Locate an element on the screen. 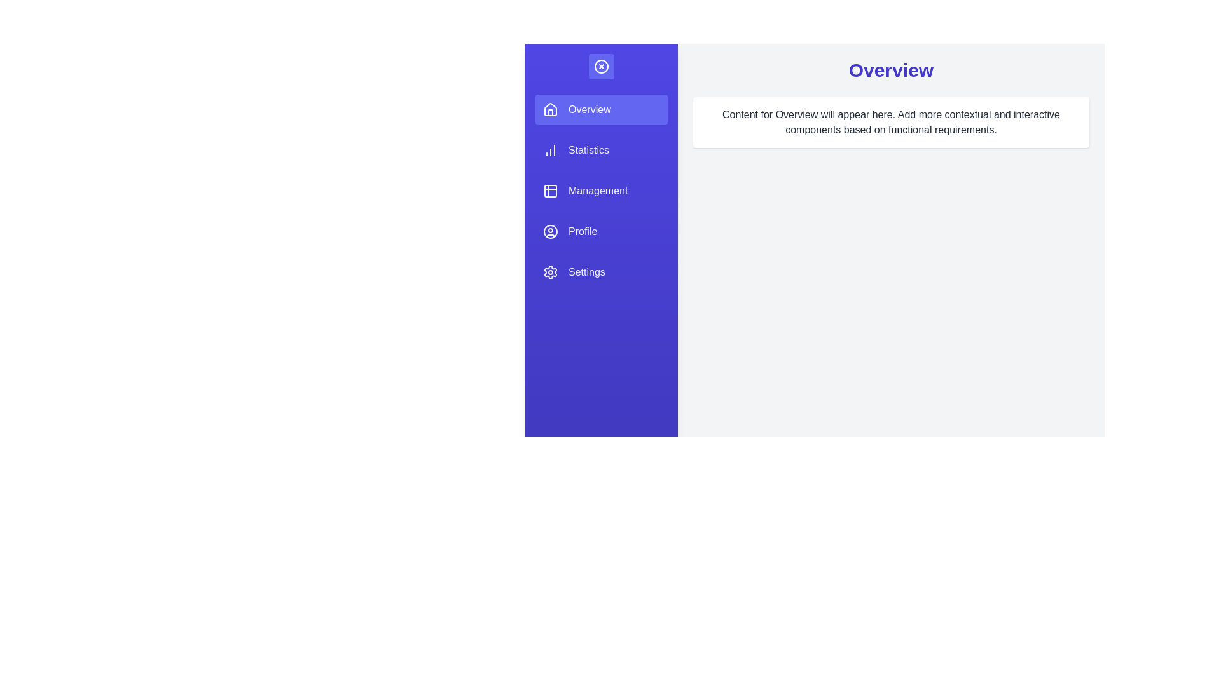 This screenshot has width=1221, height=686. toggle button in the sidebar to change the drawer's state is located at coordinates (600, 66).